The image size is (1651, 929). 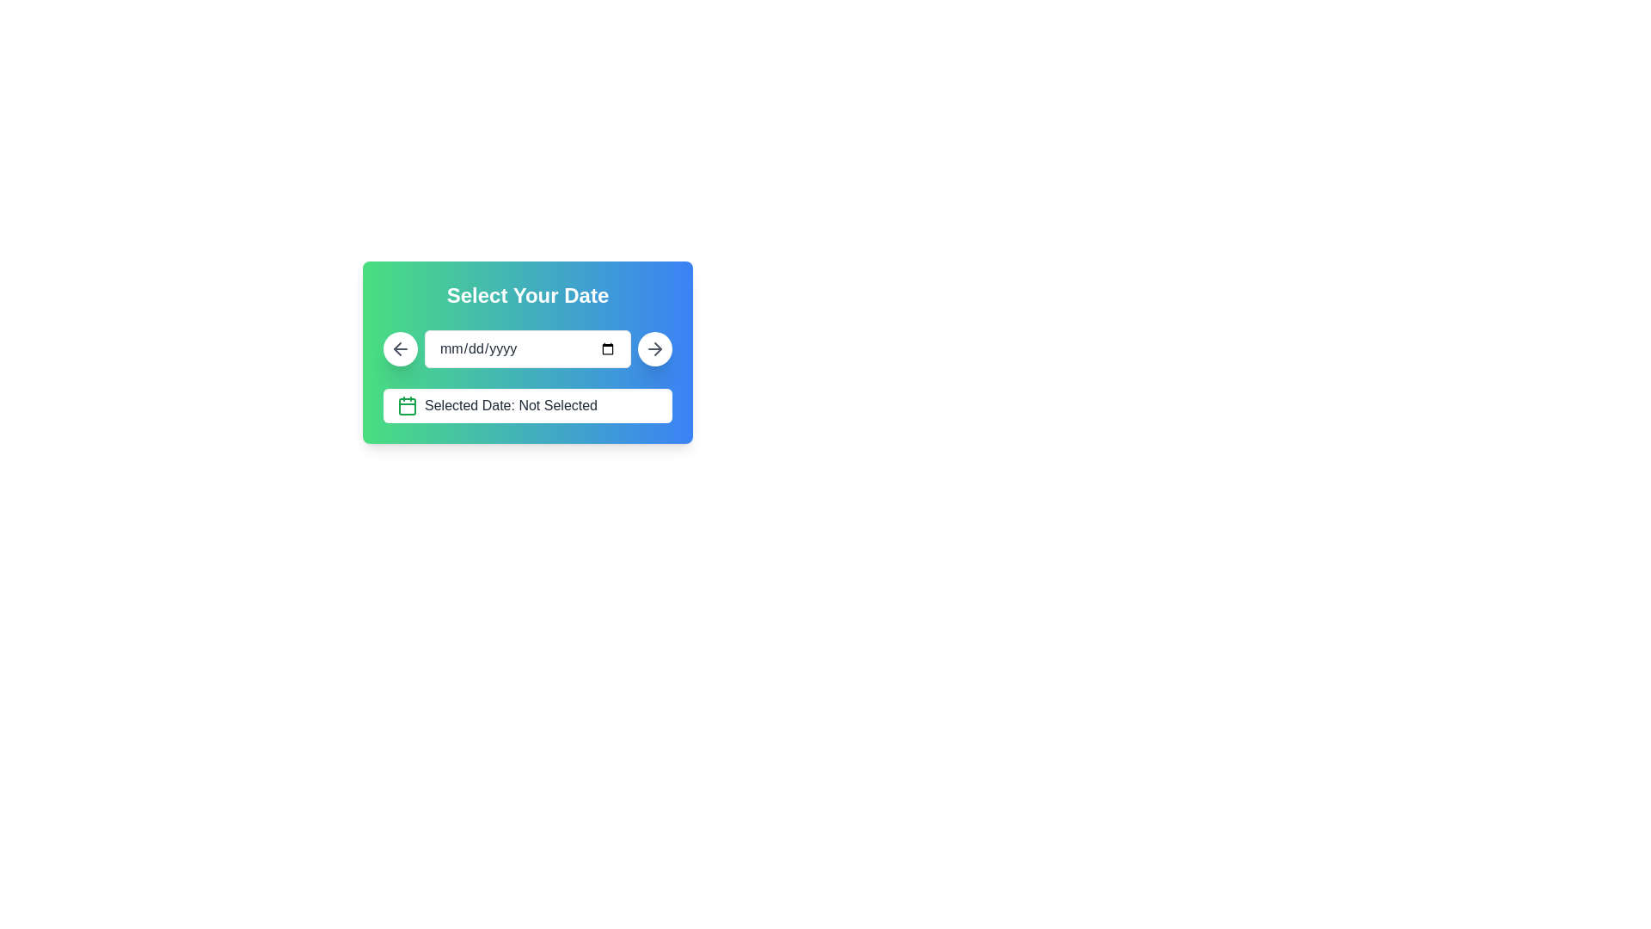 What do you see at coordinates (407, 405) in the screenshot?
I see `the calendar icon with a green stroke color that is located immediately to the left of the text 'Selected Date: Not Selected'` at bounding box center [407, 405].